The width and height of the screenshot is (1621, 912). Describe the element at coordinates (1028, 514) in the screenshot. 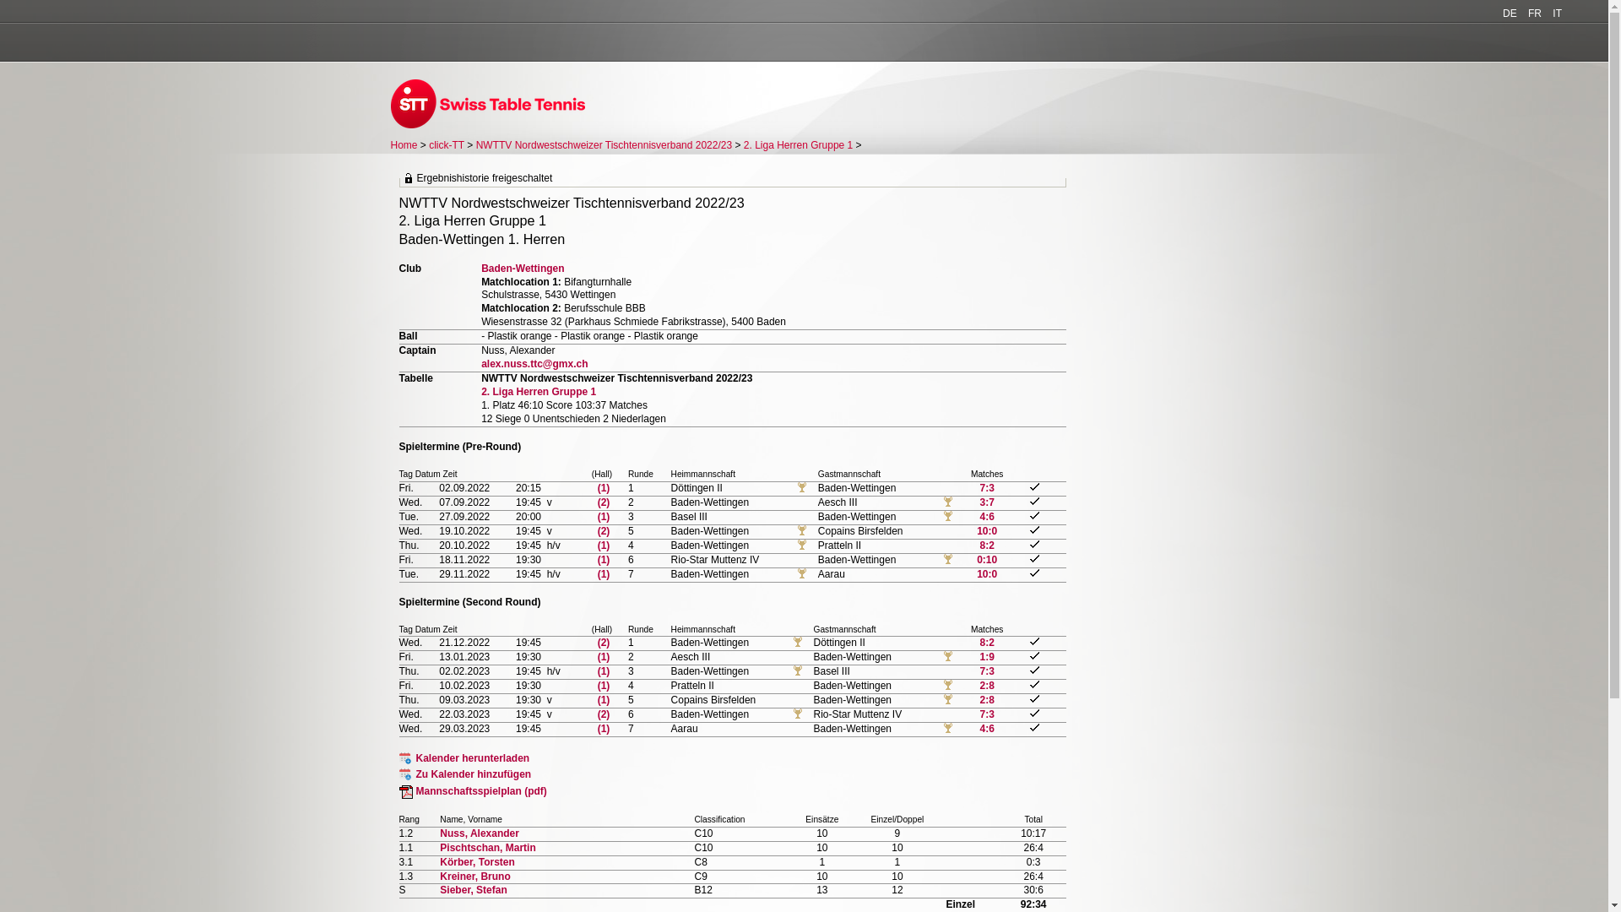

I see `'Spielbericht genehmigt'` at that location.